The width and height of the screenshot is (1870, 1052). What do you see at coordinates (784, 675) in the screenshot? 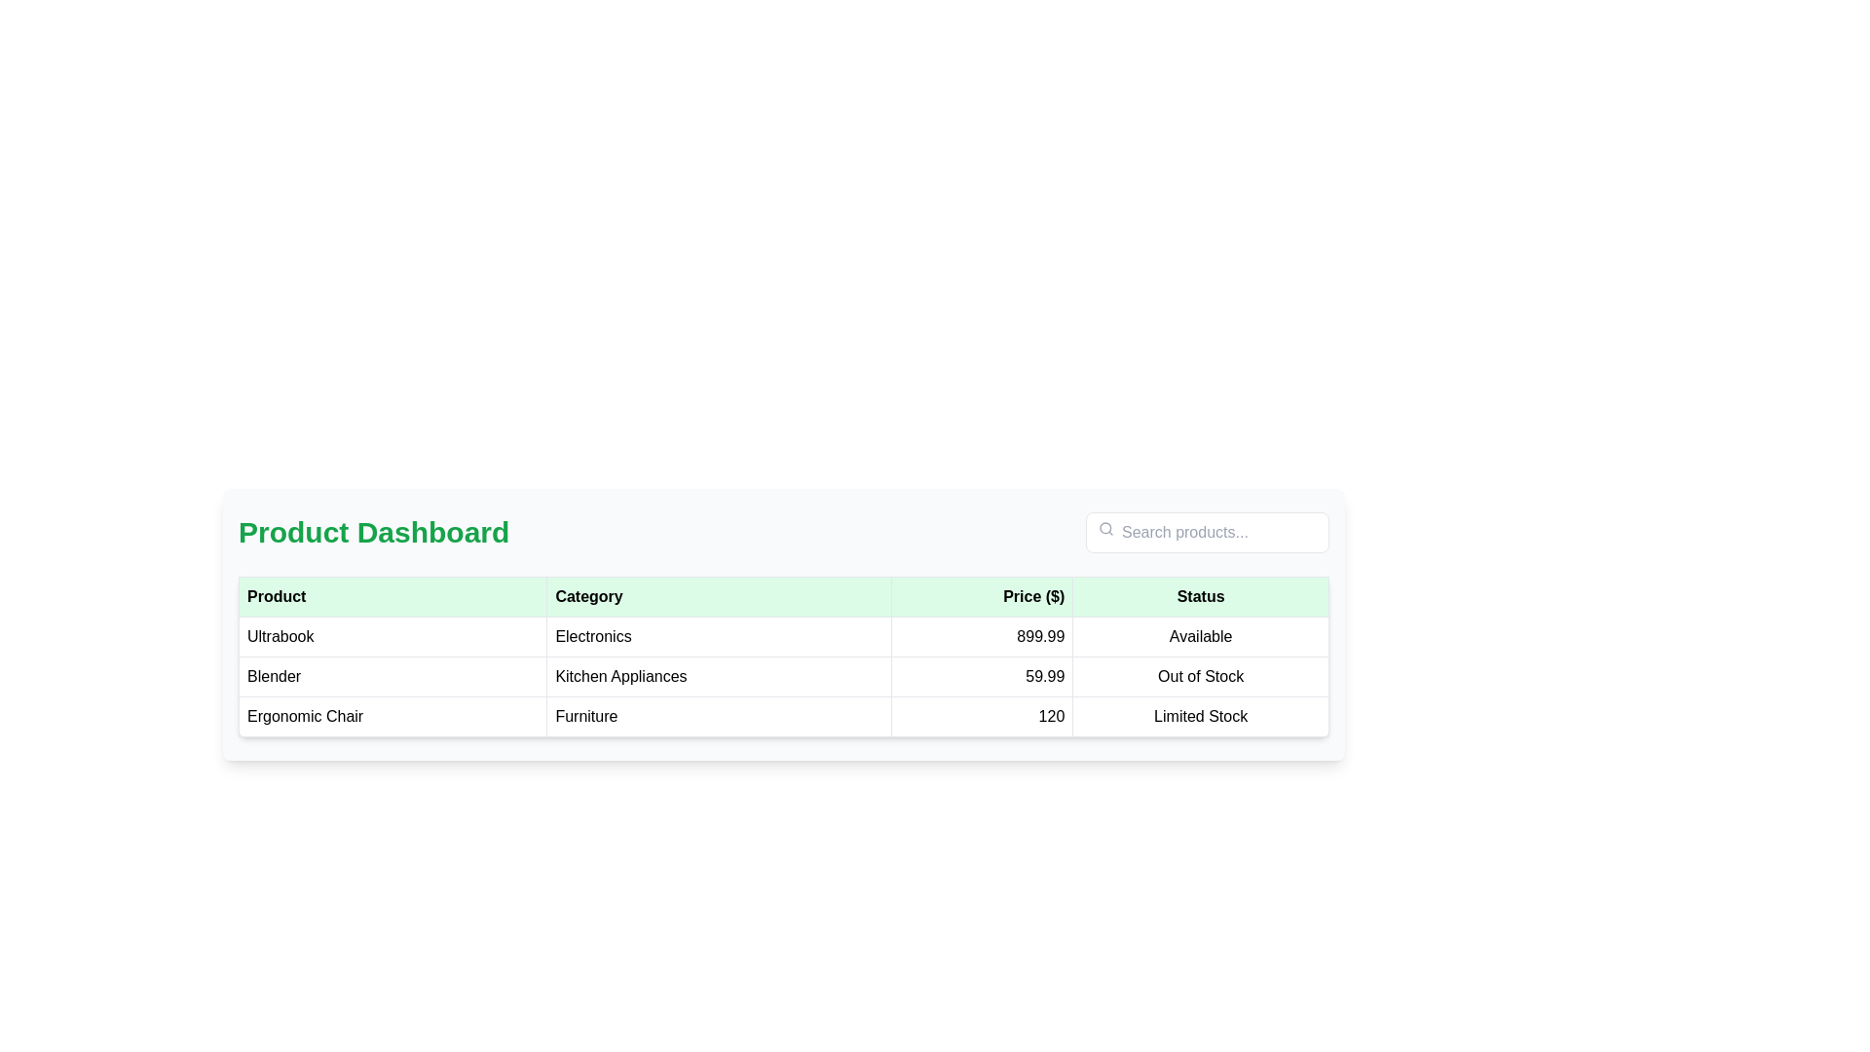
I see `the second row of the product table displaying 'Blender', 'Kitchen Appliances', '59.99', and 'Out of Stock'` at bounding box center [784, 675].